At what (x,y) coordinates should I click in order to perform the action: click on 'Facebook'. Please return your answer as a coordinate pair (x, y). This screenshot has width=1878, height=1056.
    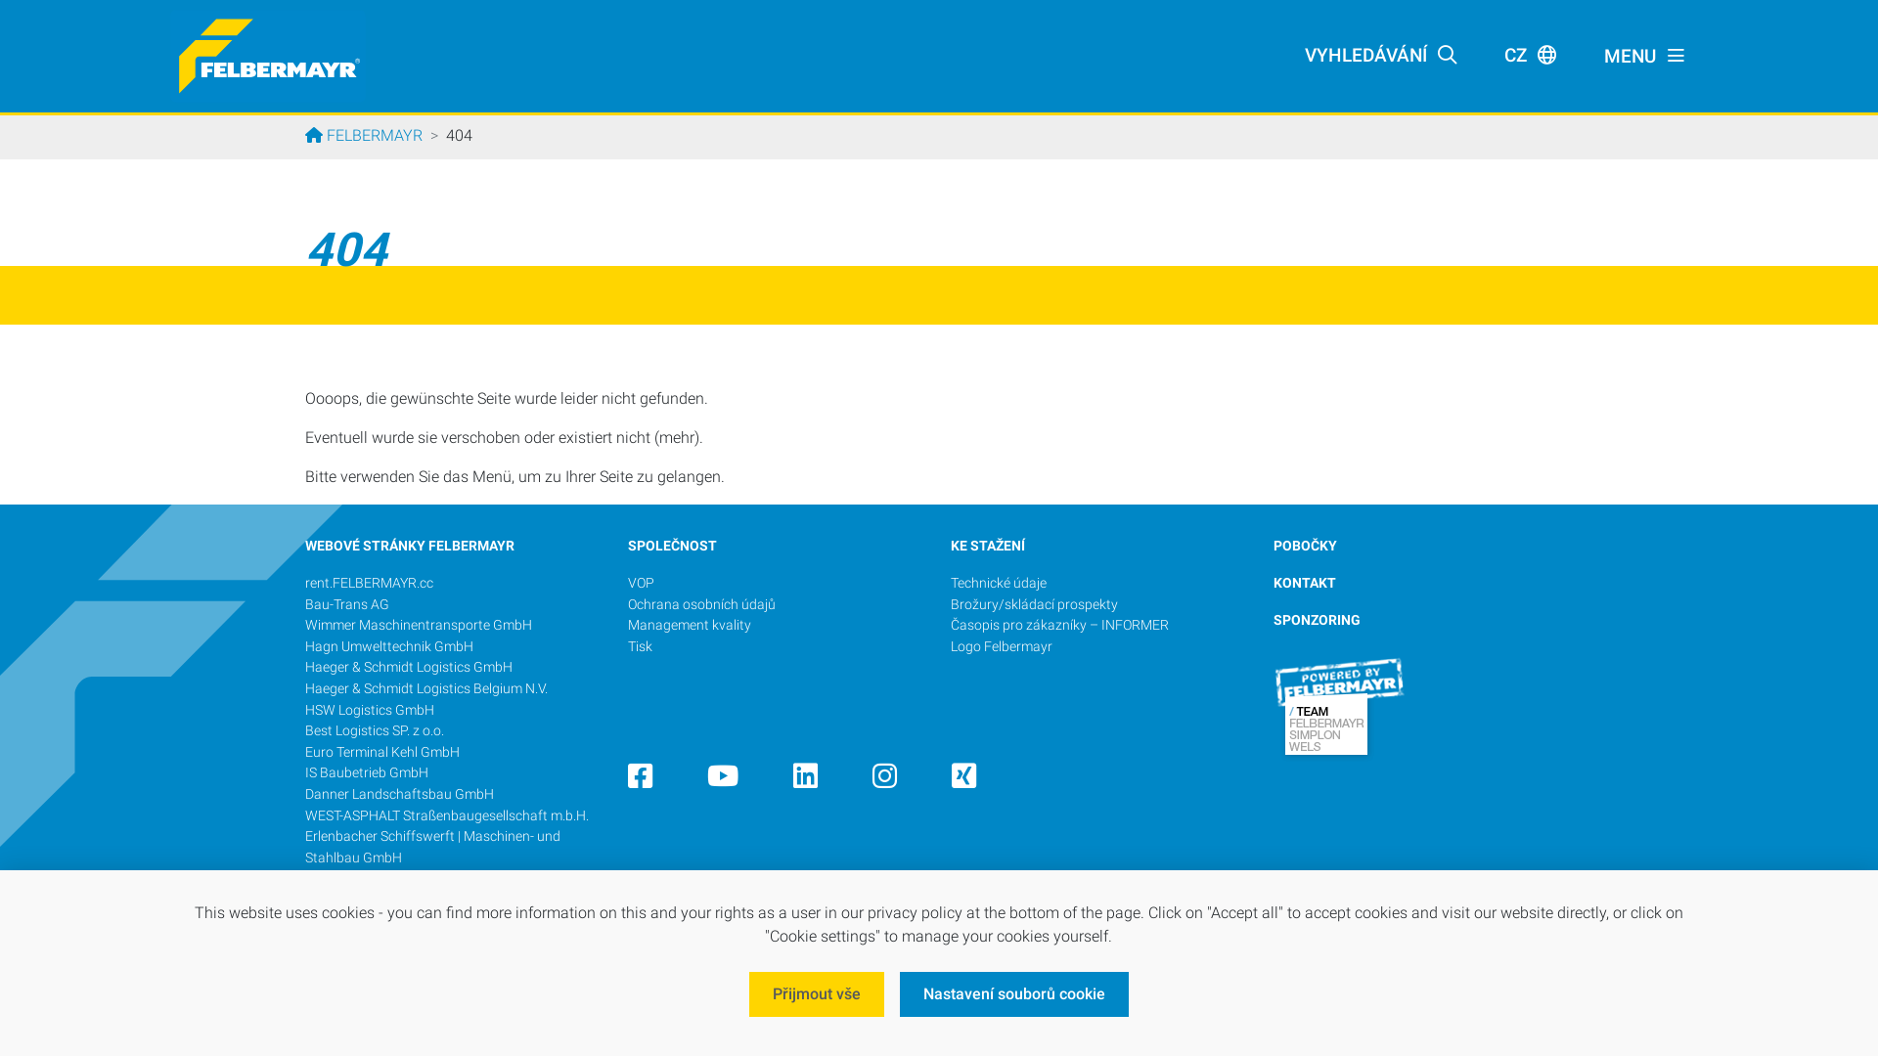
    Looking at the image, I should click on (628, 780).